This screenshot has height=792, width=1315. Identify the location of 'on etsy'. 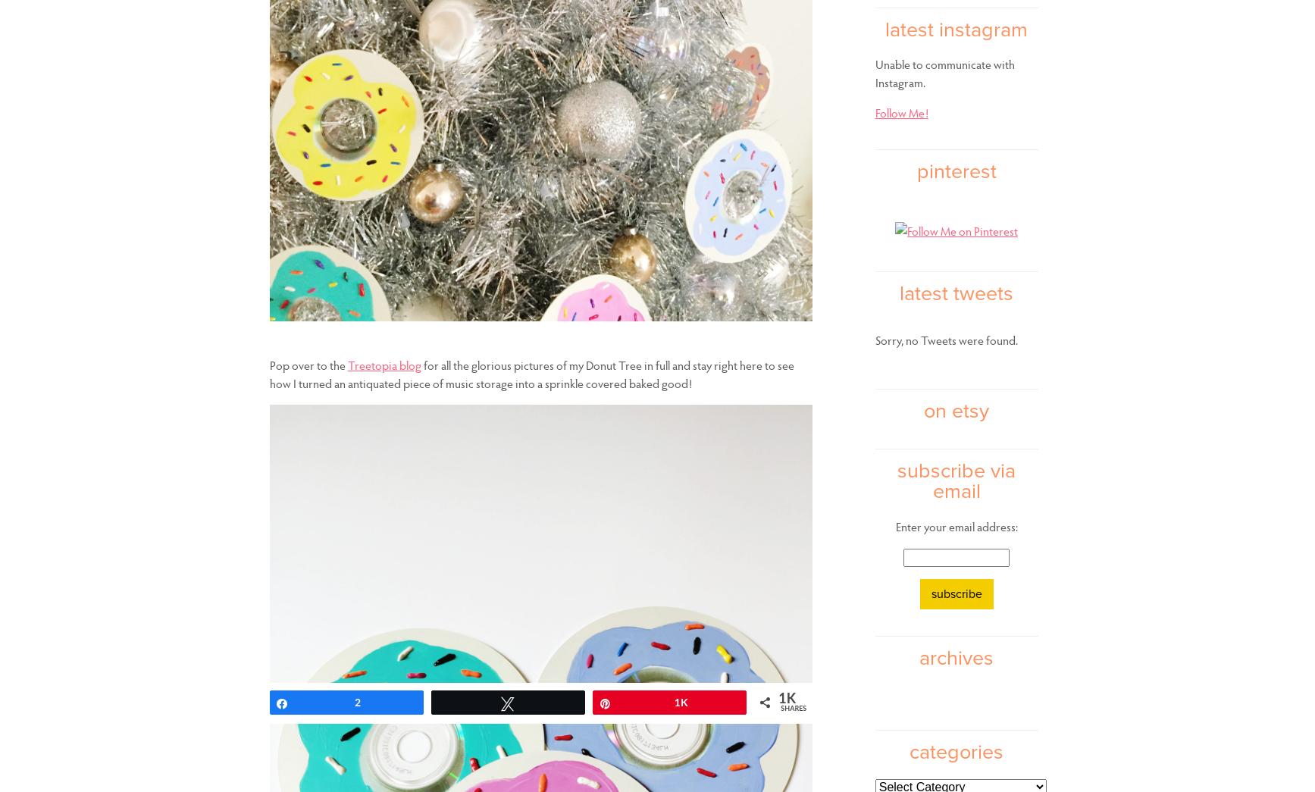
(956, 411).